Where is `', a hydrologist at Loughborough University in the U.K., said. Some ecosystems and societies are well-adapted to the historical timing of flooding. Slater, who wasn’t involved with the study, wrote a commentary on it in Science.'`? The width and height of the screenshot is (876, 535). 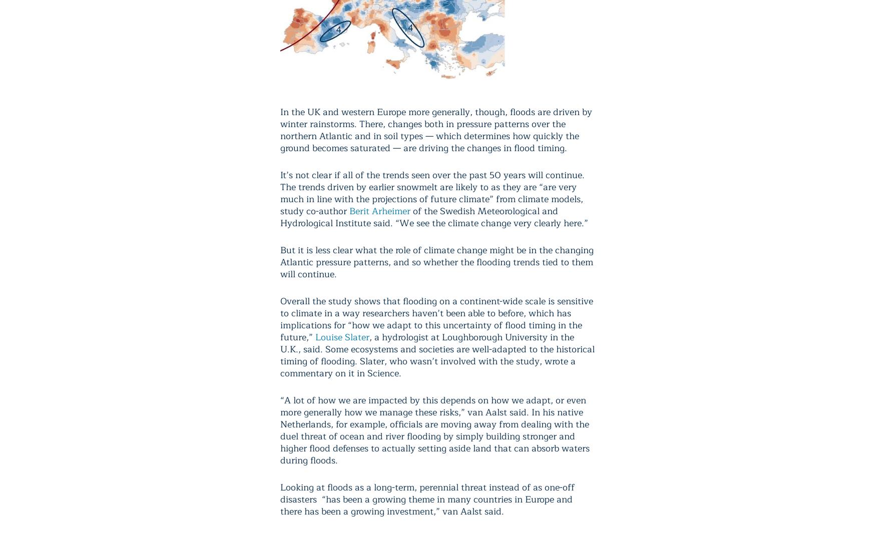 ', a hydrologist at Loughborough University in the U.K., said. Some ecosystems and societies are well-adapted to the historical timing of flooding. Slater, who wasn’t involved with the study, wrote a commentary on it in Science.' is located at coordinates (280, 354).